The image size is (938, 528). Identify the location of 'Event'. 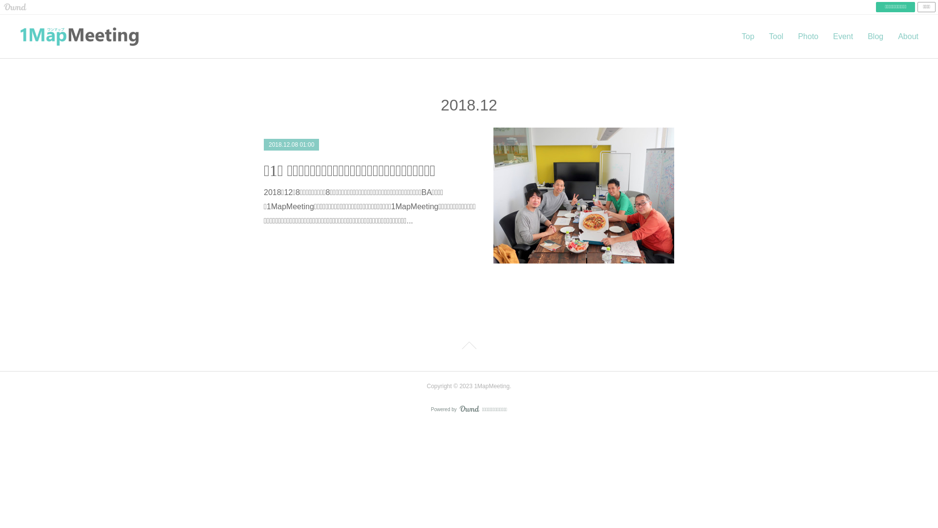
(842, 36).